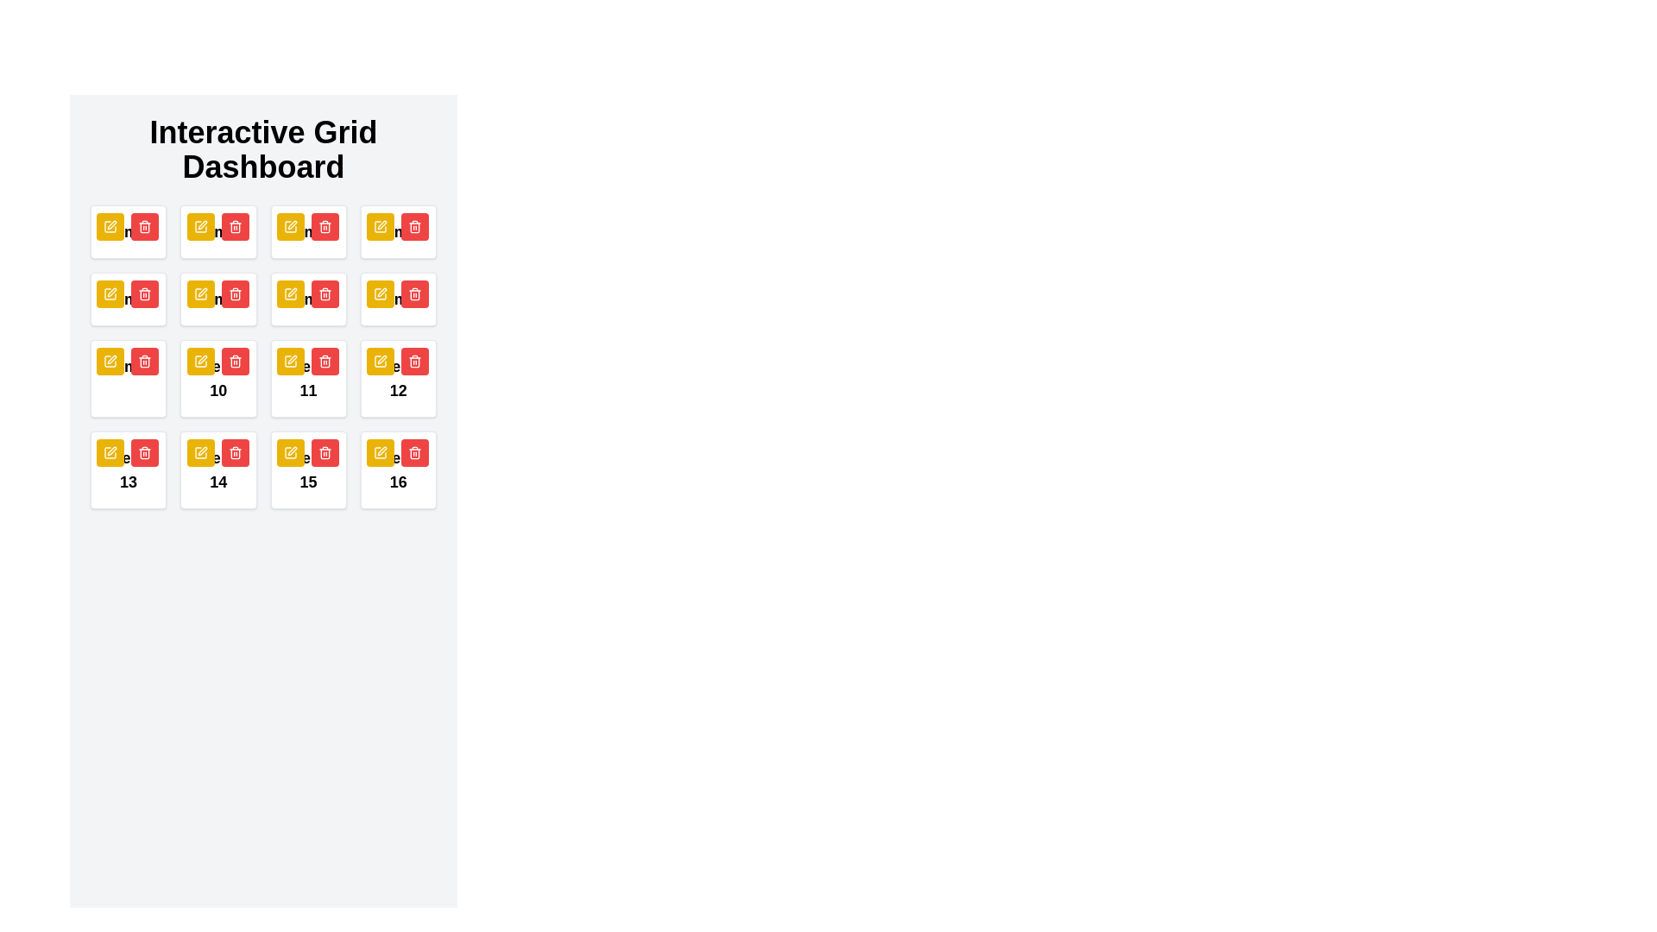  Describe the element at coordinates (145, 451) in the screenshot. I see `the 'delete' button` at that location.